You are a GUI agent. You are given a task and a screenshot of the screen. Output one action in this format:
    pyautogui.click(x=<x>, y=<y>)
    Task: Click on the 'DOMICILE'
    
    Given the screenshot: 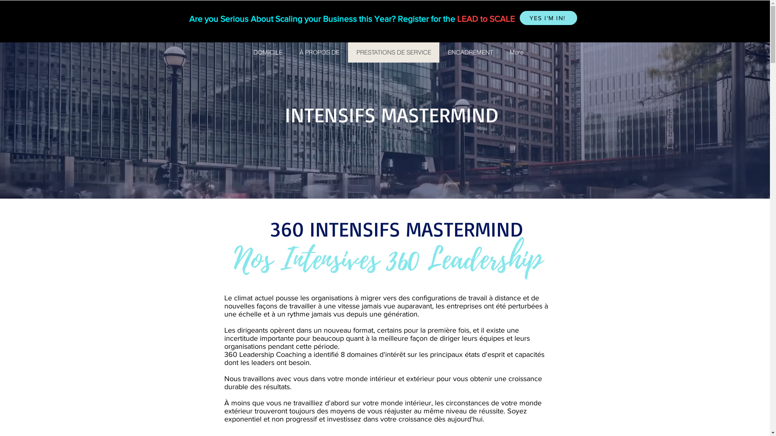 What is the action you would take?
    pyautogui.click(x=268, y=52)
    